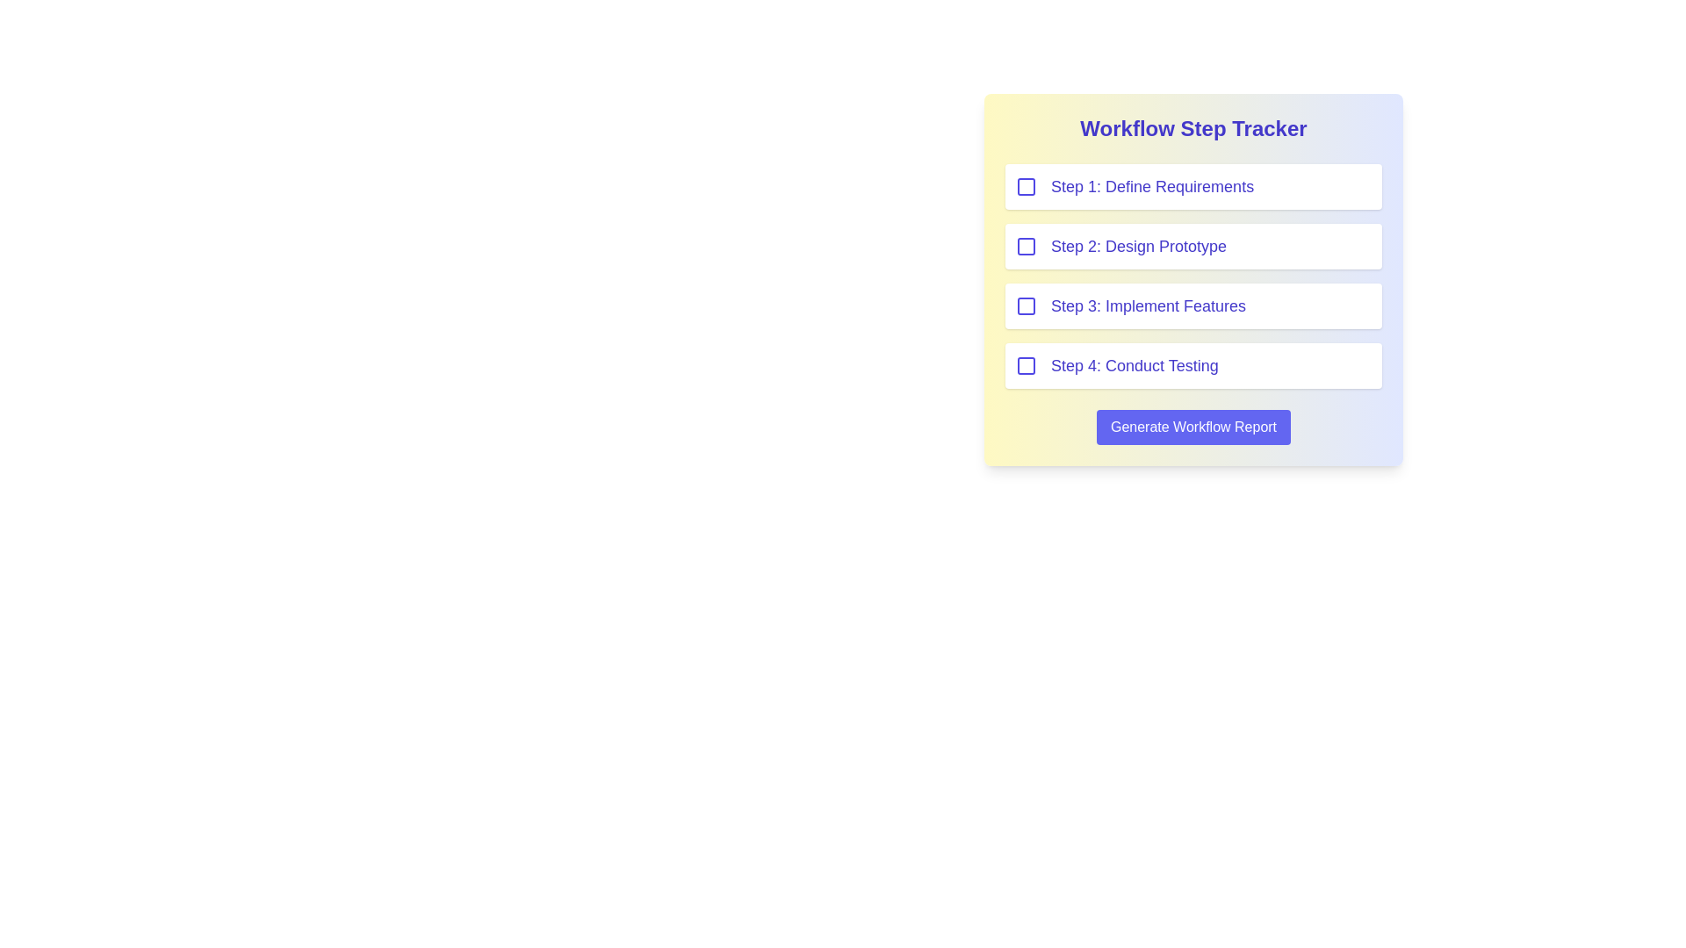 This screenshot has height=948, width=1686. I want to click on the checkbox of the workflow step in the list component titled 'Workflow Step Tracker' to check or uncheck it, so click(1193, 276).